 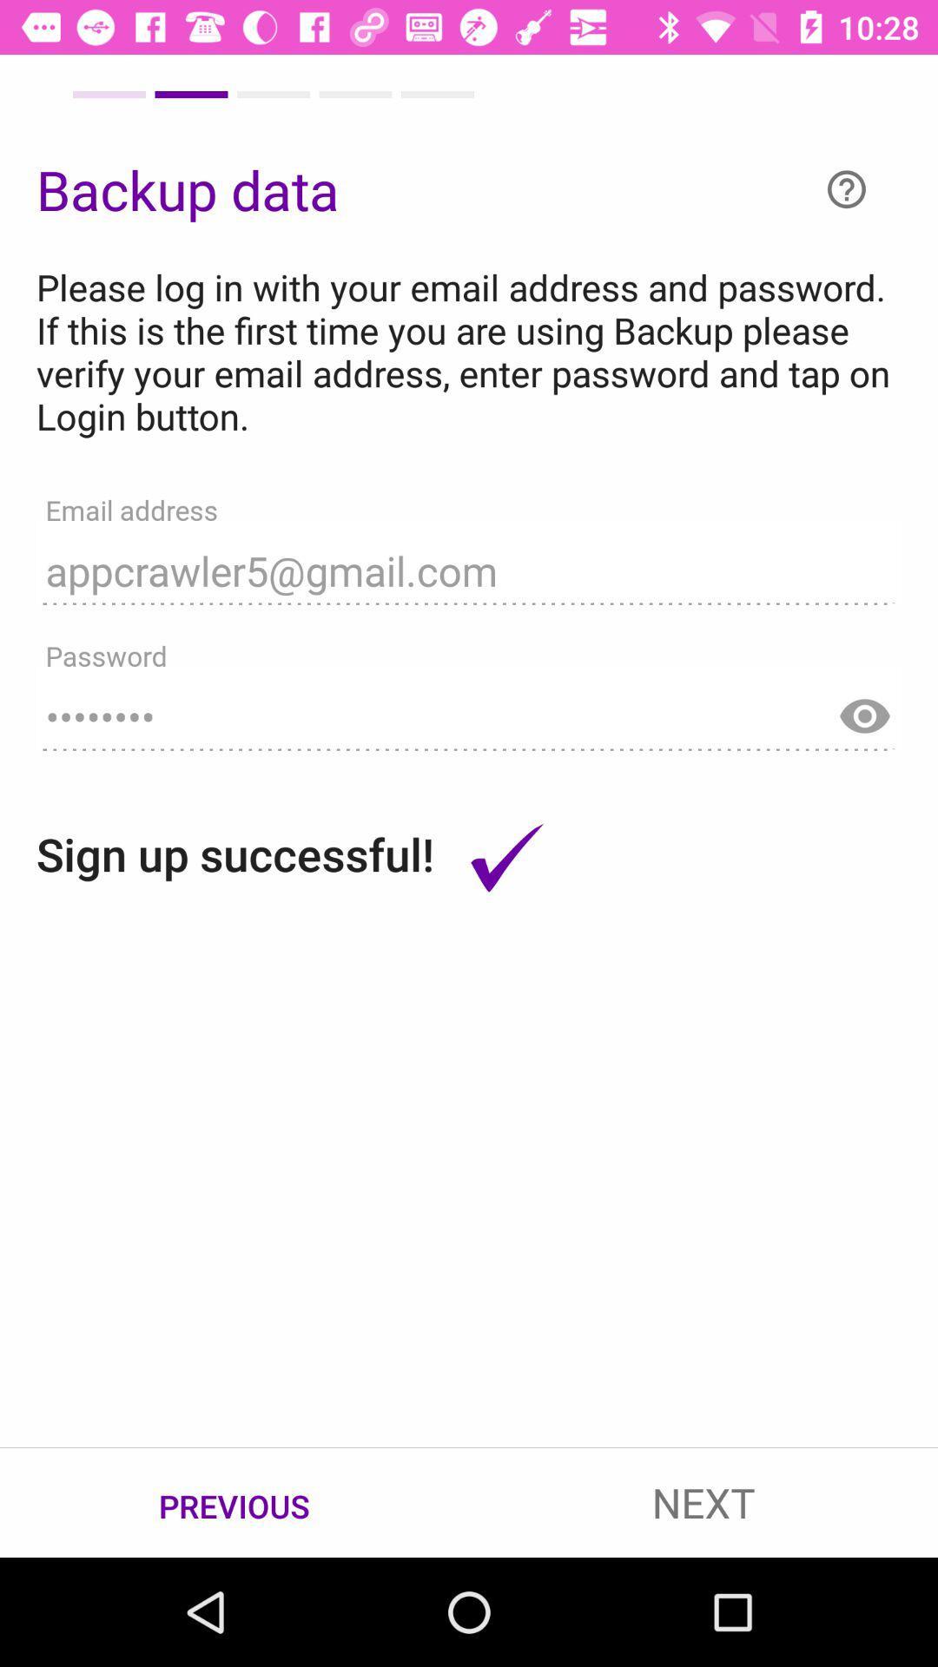 I want to click on show password, so click(x=864, y=708).